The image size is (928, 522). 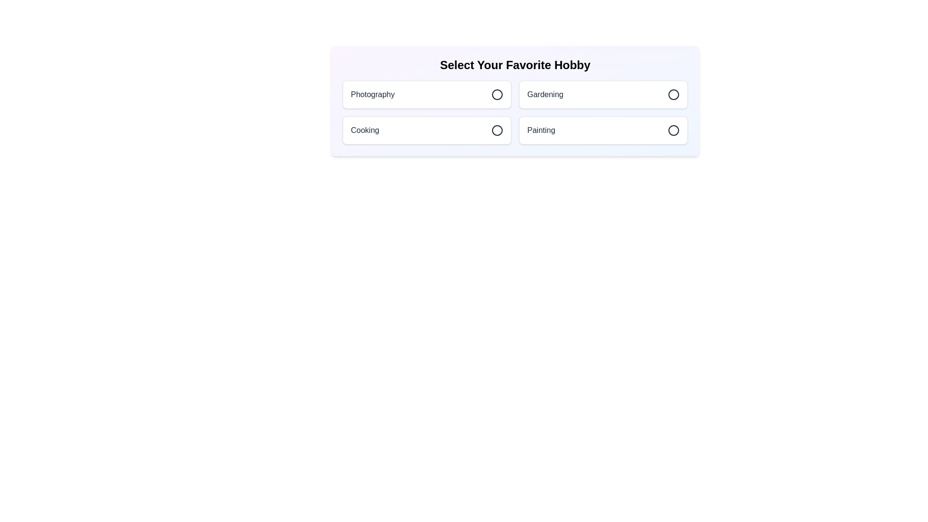 What do you see at coordinates (372, 95) in the screenshot?
I see `the 'Photography' text label, which is a black font label inside a white rectangular section with a rounded border, located in the top-left of a two-by-two grid layout` at bounding box center [372, 95].